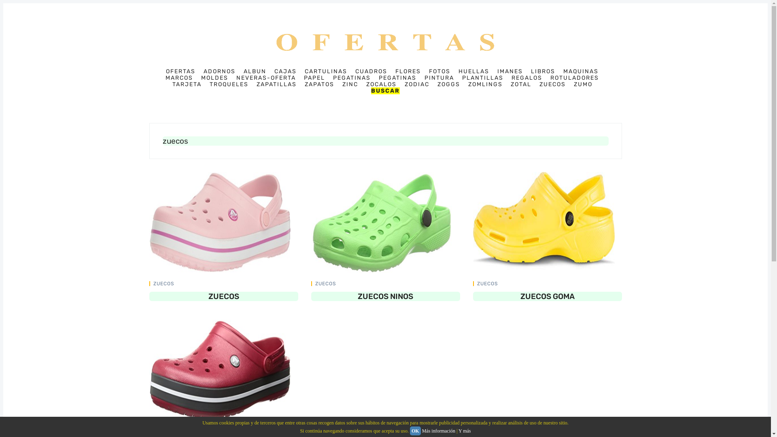 This screenshot has height=437, width=777. I want to click on 'ZOMLINGS', so click(485, 84).